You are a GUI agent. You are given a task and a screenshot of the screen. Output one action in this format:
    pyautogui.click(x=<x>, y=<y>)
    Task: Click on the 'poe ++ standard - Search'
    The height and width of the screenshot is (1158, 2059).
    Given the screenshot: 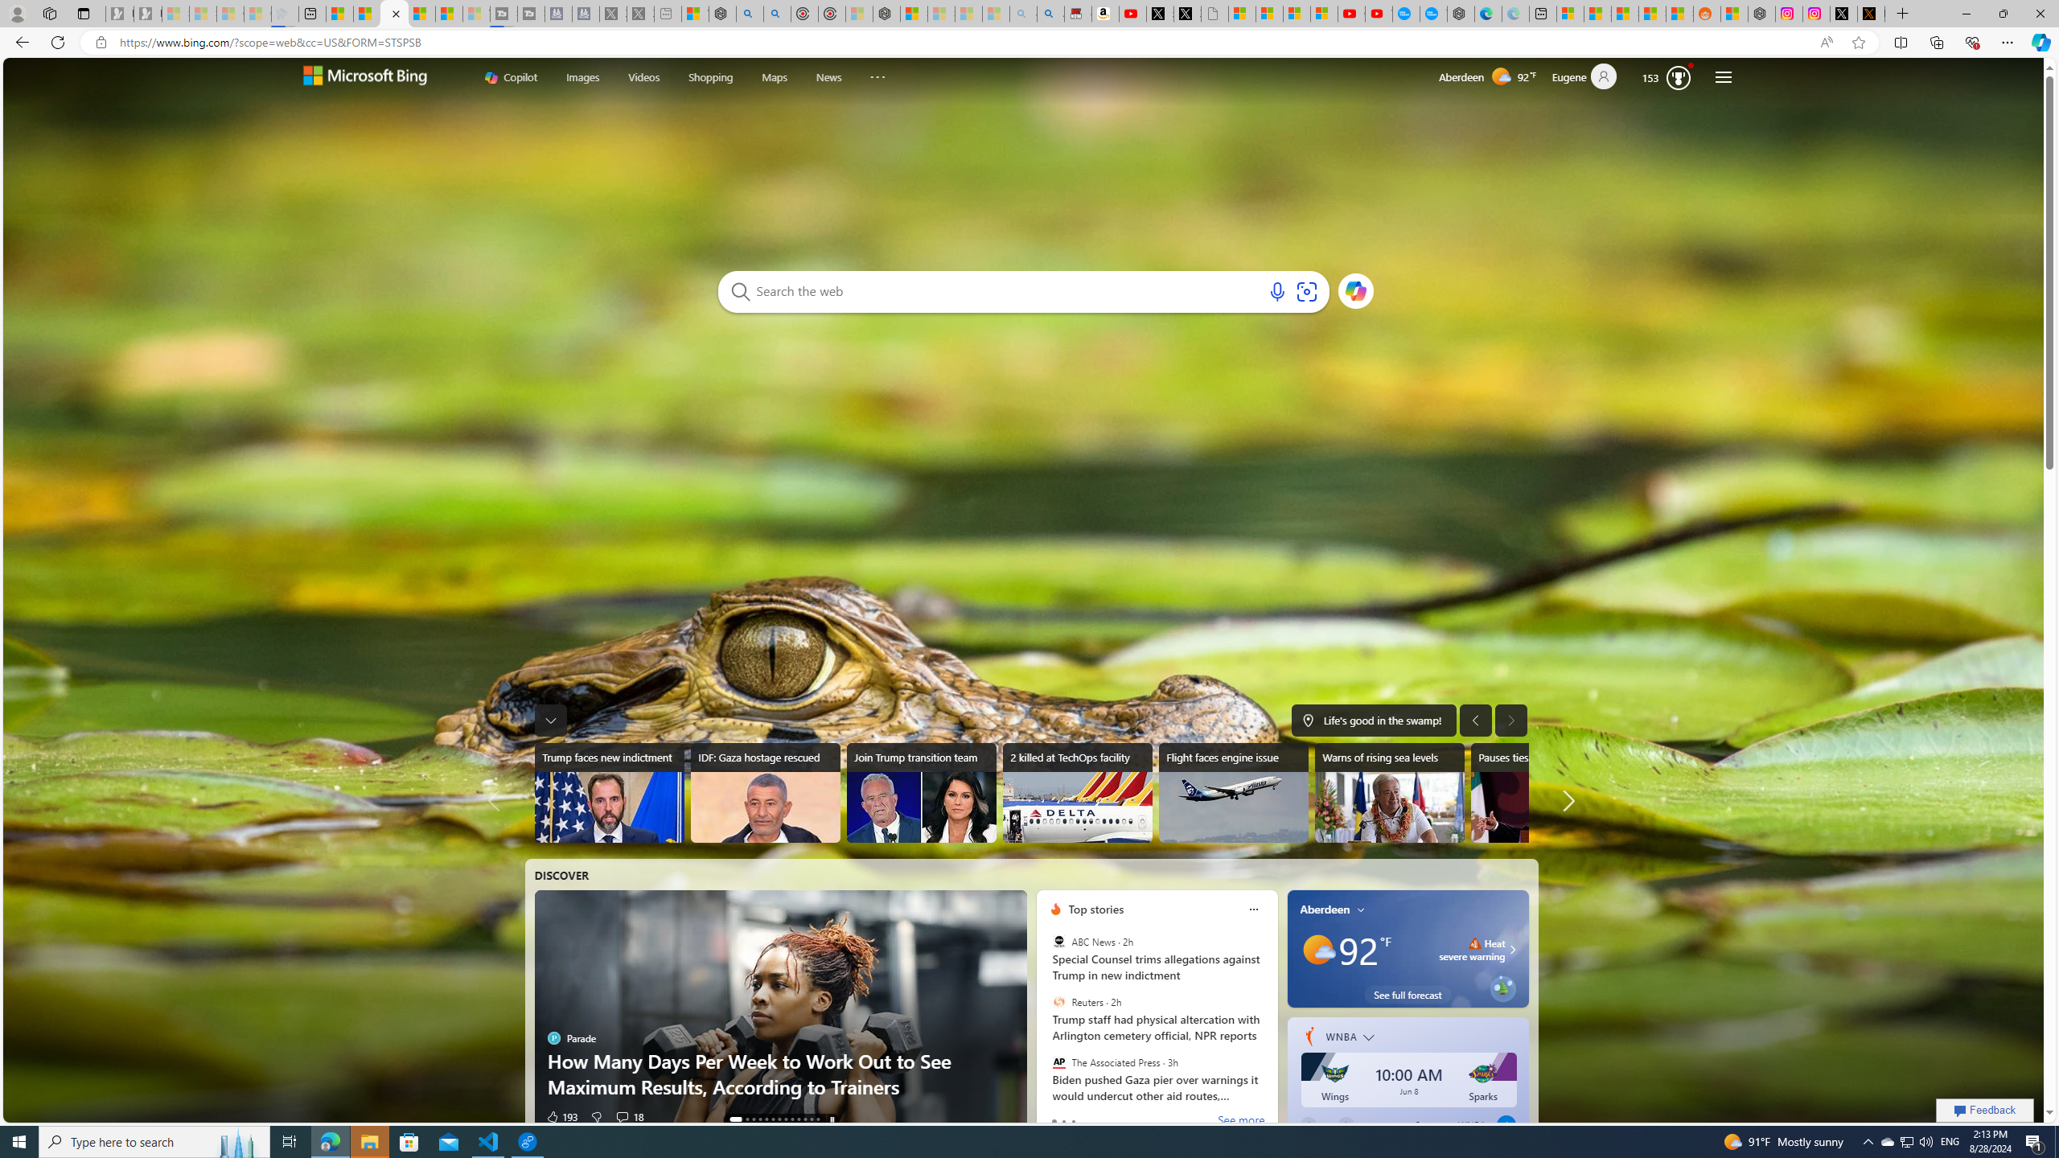 What is the action you would take?
    pyautogui.click(x=777, y=13)
    